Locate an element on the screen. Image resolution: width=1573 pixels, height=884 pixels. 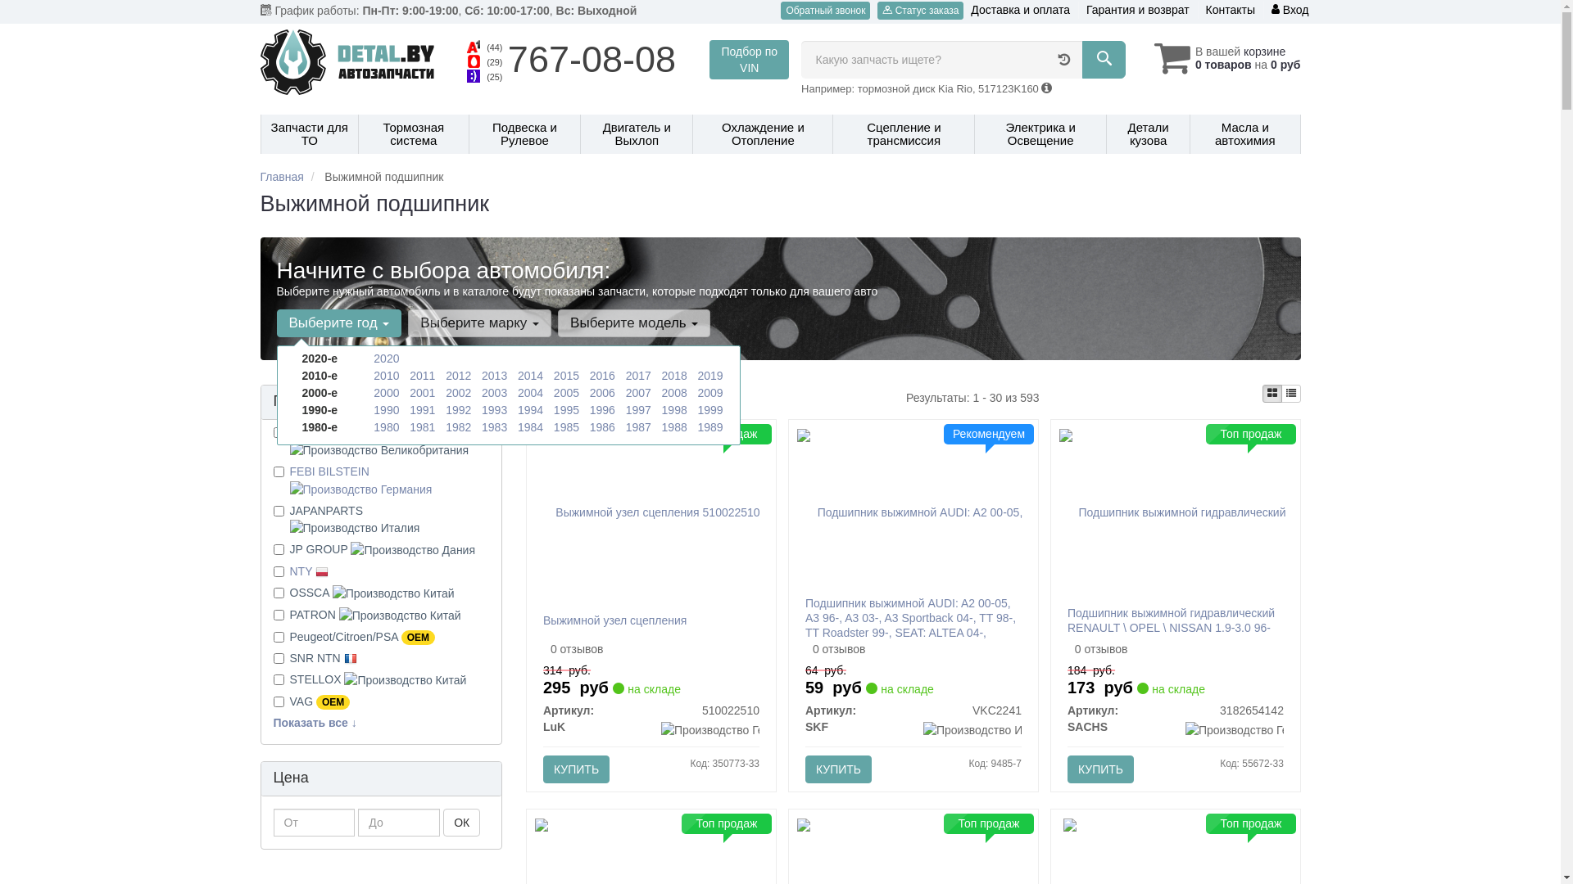
'1988' is located at coordinates (674, 426).